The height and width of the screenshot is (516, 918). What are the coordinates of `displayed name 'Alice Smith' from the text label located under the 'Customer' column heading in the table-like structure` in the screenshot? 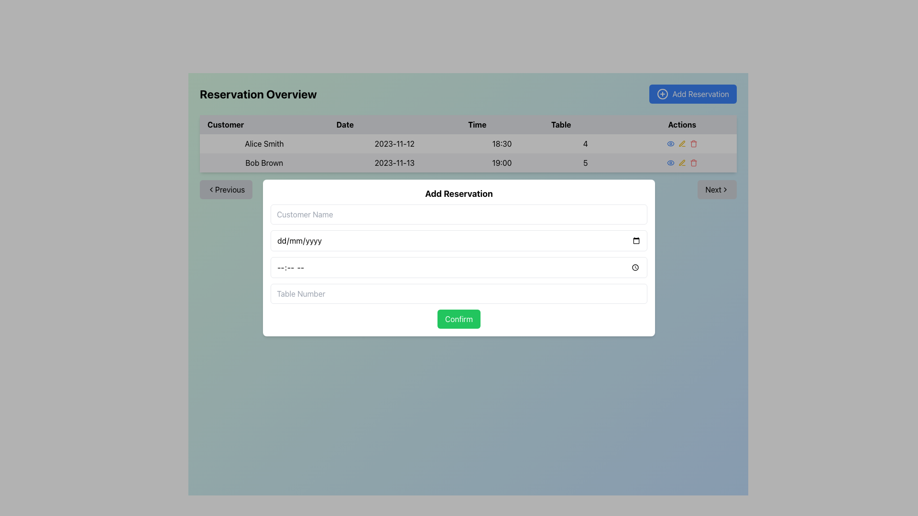 It's located at (264, 143).